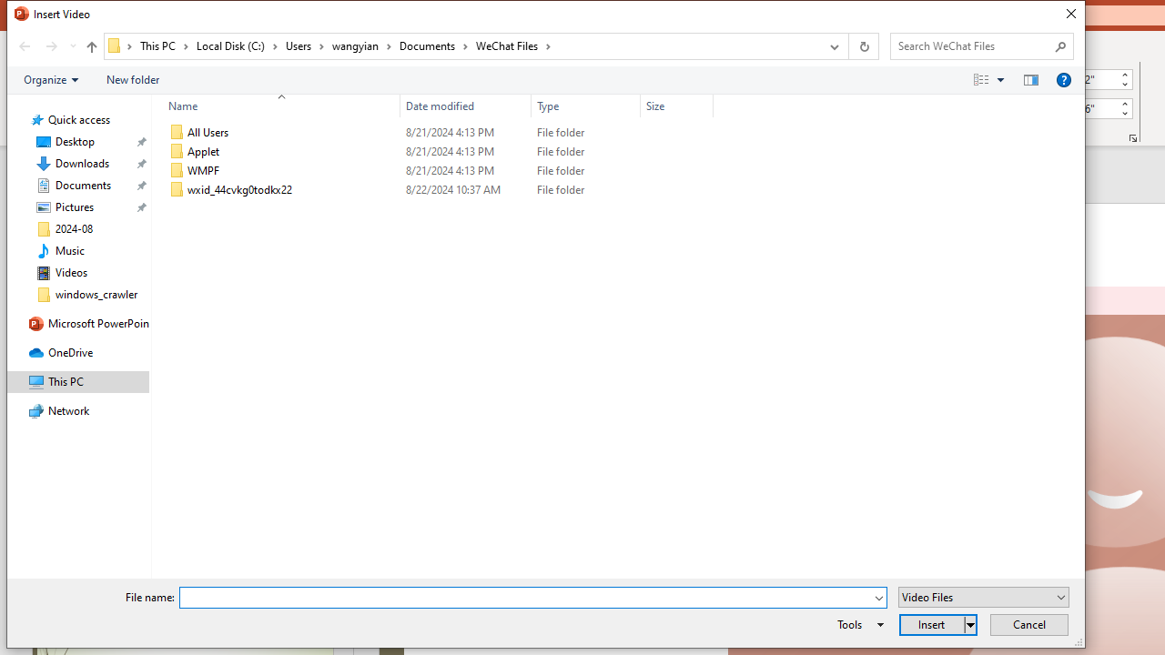 This screenshot has height=655, width=1165. Describe the element at coordinates (91, 48) in the screenshot. I see `'Up band toolbar'` at that location.